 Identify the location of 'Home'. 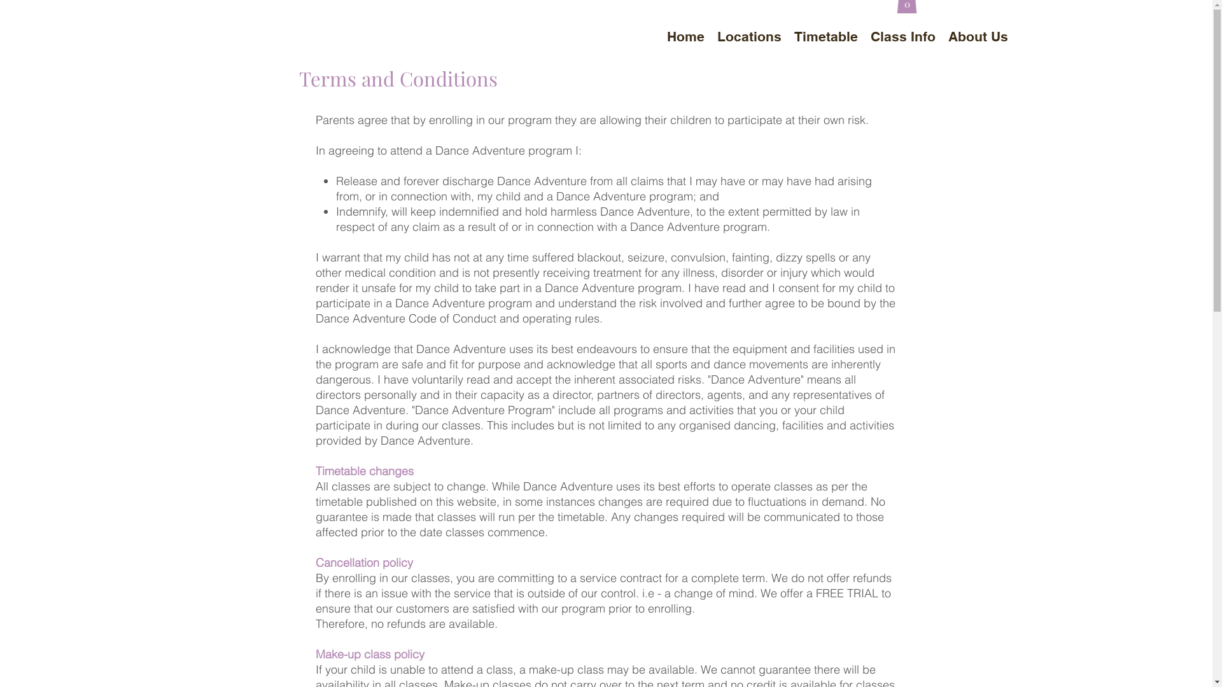
(685, 36).